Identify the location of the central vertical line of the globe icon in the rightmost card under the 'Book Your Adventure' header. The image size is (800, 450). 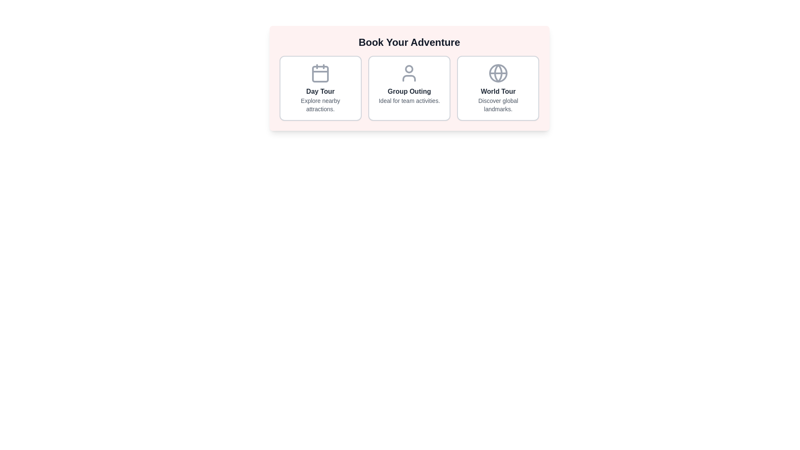
(498, 73).